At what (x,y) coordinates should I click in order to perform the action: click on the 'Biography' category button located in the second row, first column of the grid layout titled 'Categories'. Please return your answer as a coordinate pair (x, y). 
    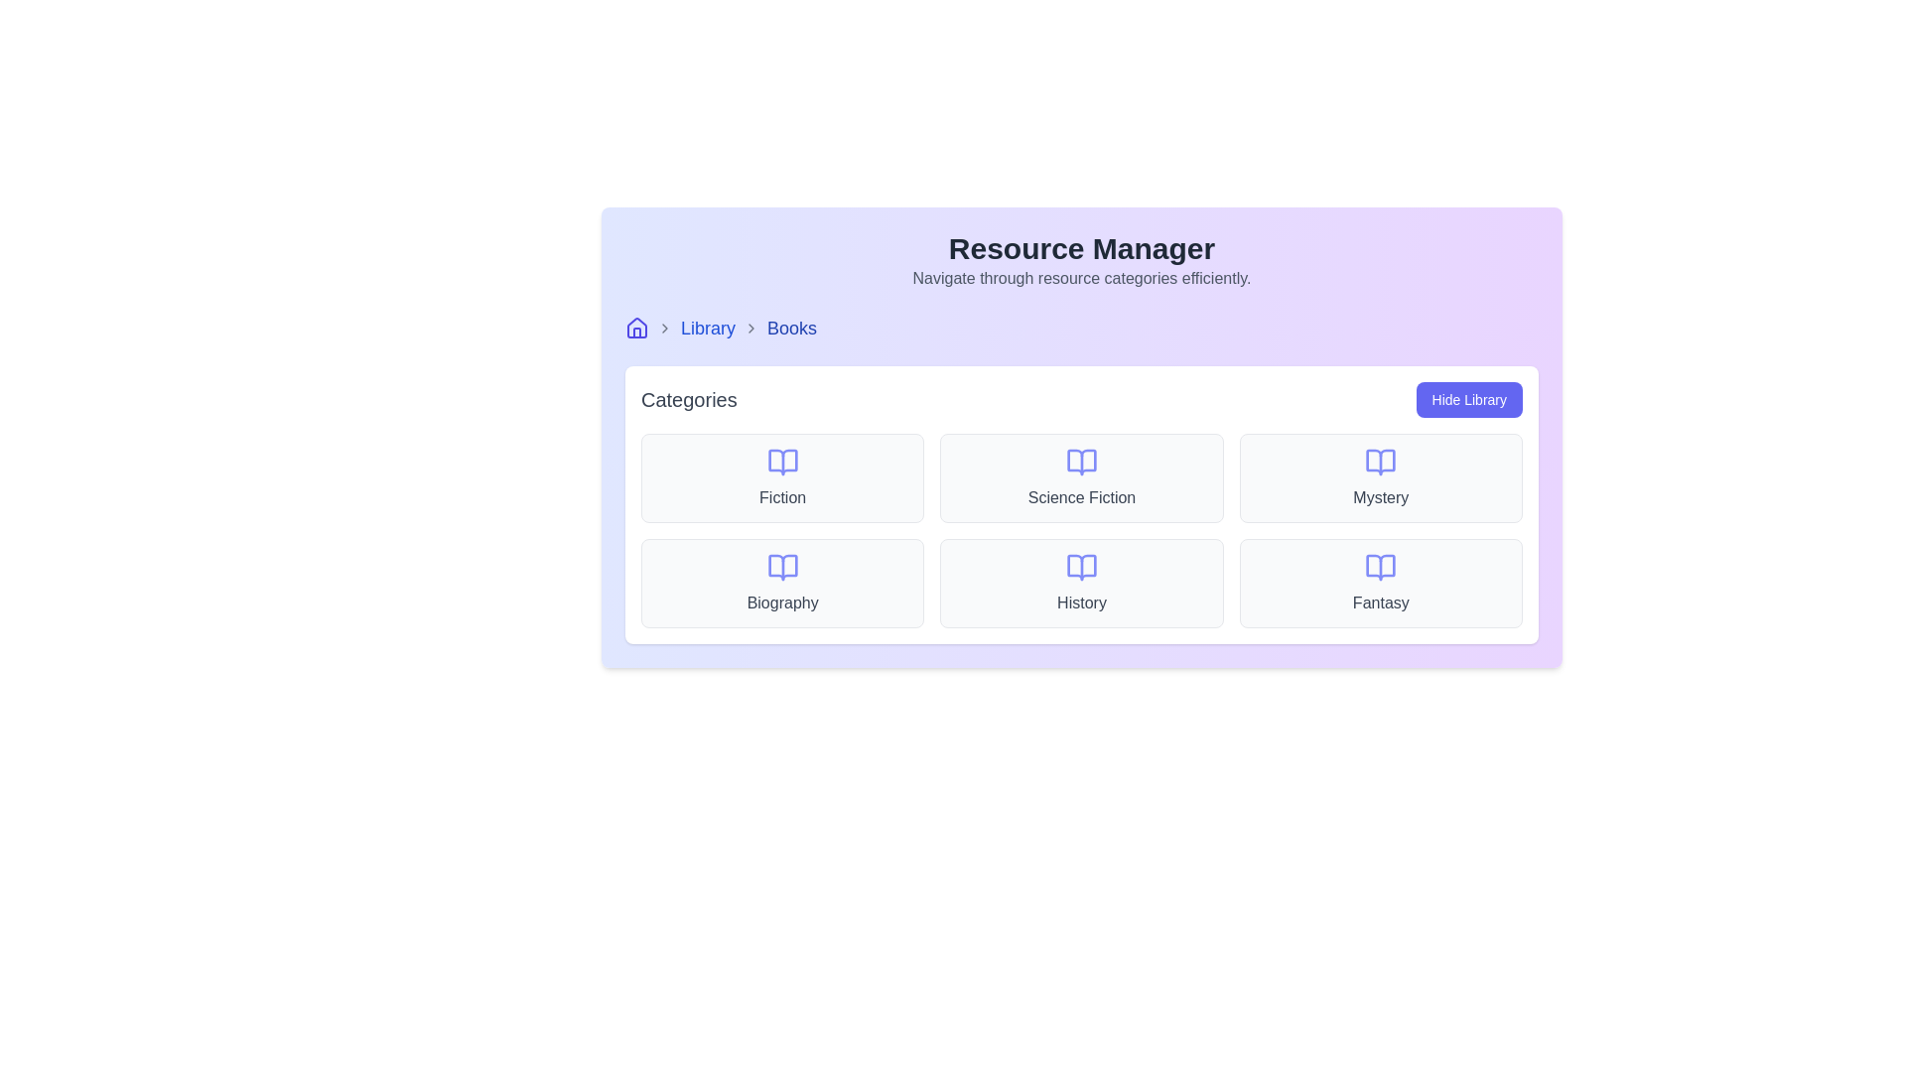
    Looking at the image, I should click on (781, 582).